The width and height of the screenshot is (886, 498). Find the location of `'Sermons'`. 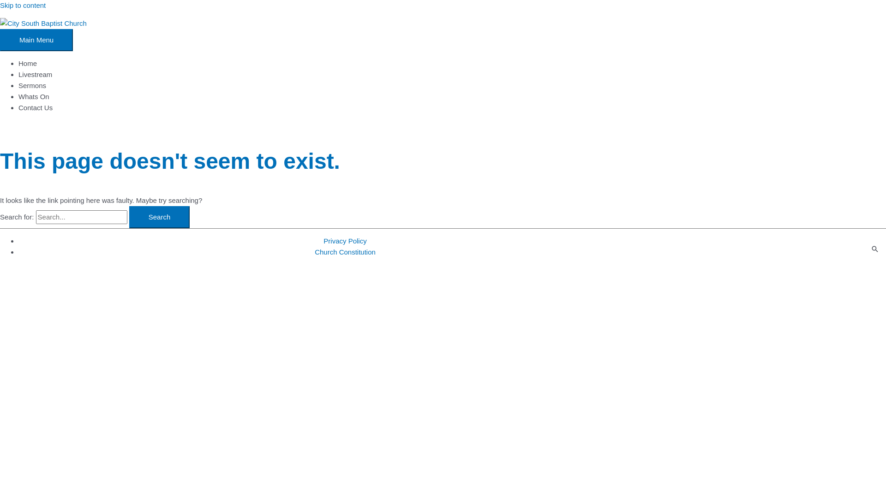

'Sermons' is located at coordinates (32, 85).